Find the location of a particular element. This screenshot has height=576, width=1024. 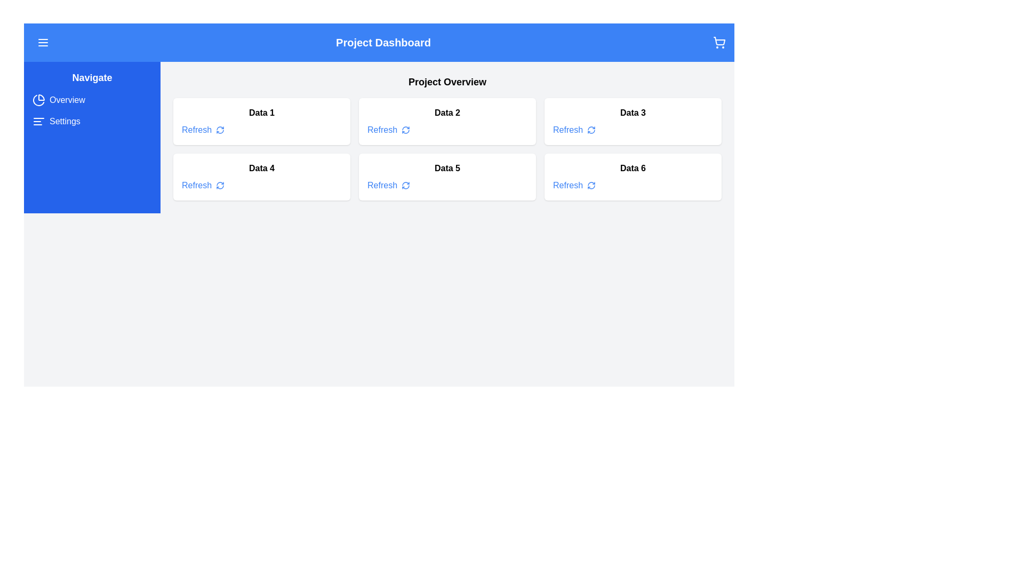

the pie chart icon located in the upper section of the navigation sidebar is located at coordinates (38, 100).